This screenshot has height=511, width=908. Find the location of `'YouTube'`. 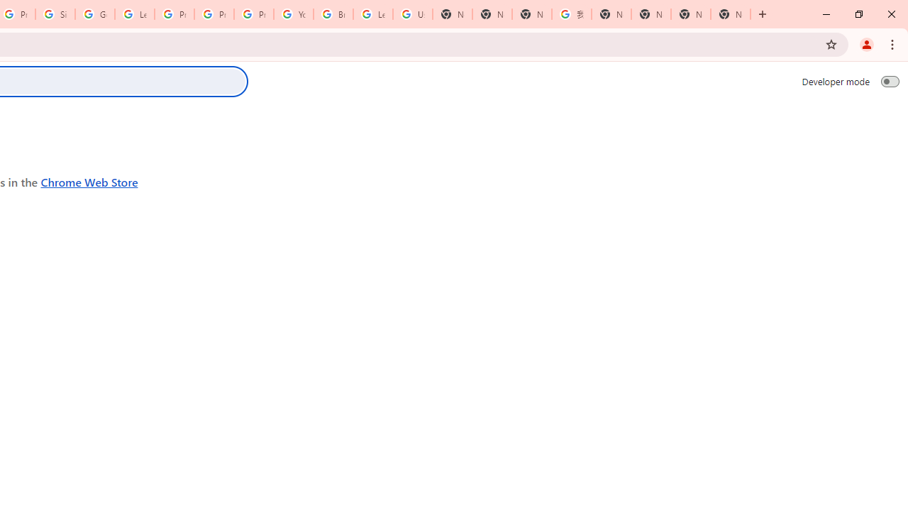

'YouTube' is located at coordinates (293, 14).